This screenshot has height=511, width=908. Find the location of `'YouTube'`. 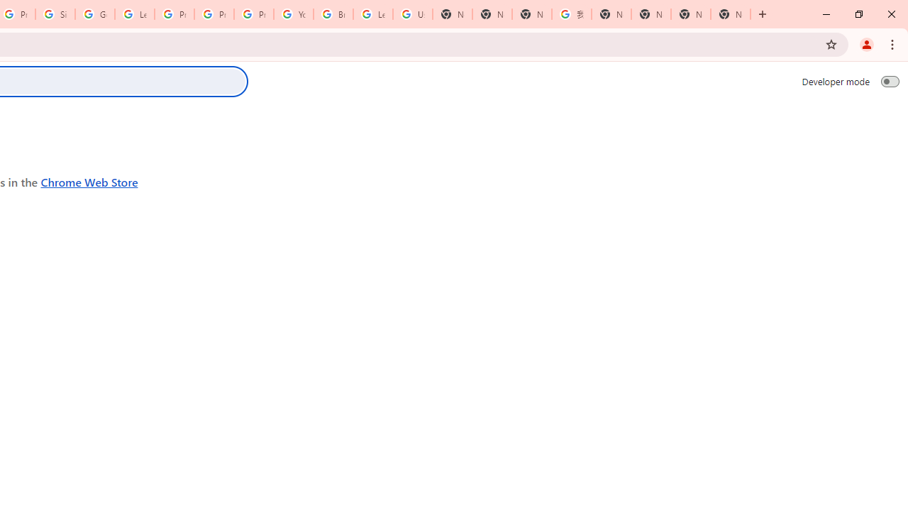

'YouTube' is located at coordinates (293, 14).